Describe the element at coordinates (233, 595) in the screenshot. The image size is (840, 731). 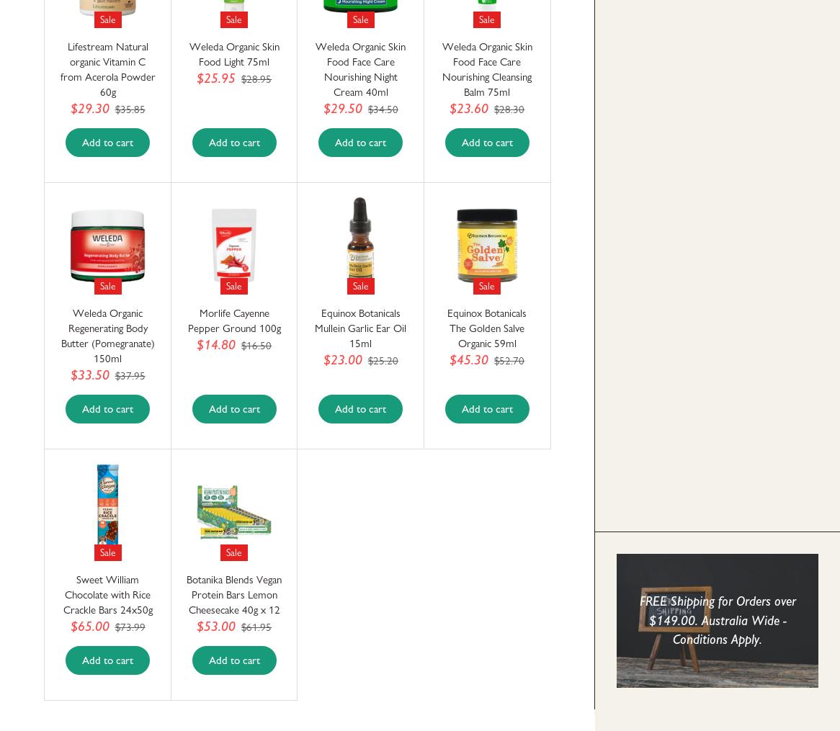
I see `'Botanika Blends Vegan Protein Bars Lemon Cheesecake 40g x 12'` at that location.